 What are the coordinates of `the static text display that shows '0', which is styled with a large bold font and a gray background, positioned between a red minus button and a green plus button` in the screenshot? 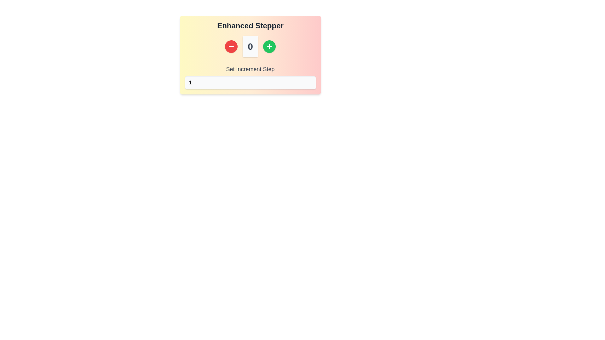 It's located at (250, 46).